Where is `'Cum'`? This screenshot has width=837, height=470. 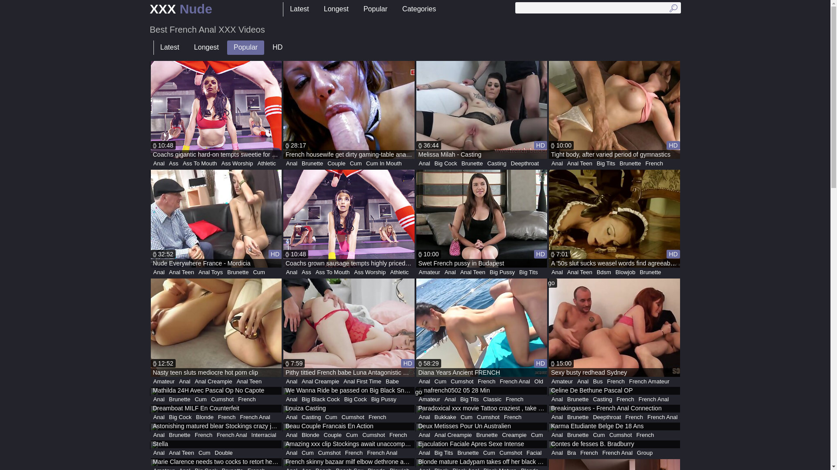
'Cum' is located at coordinates (204, 453).